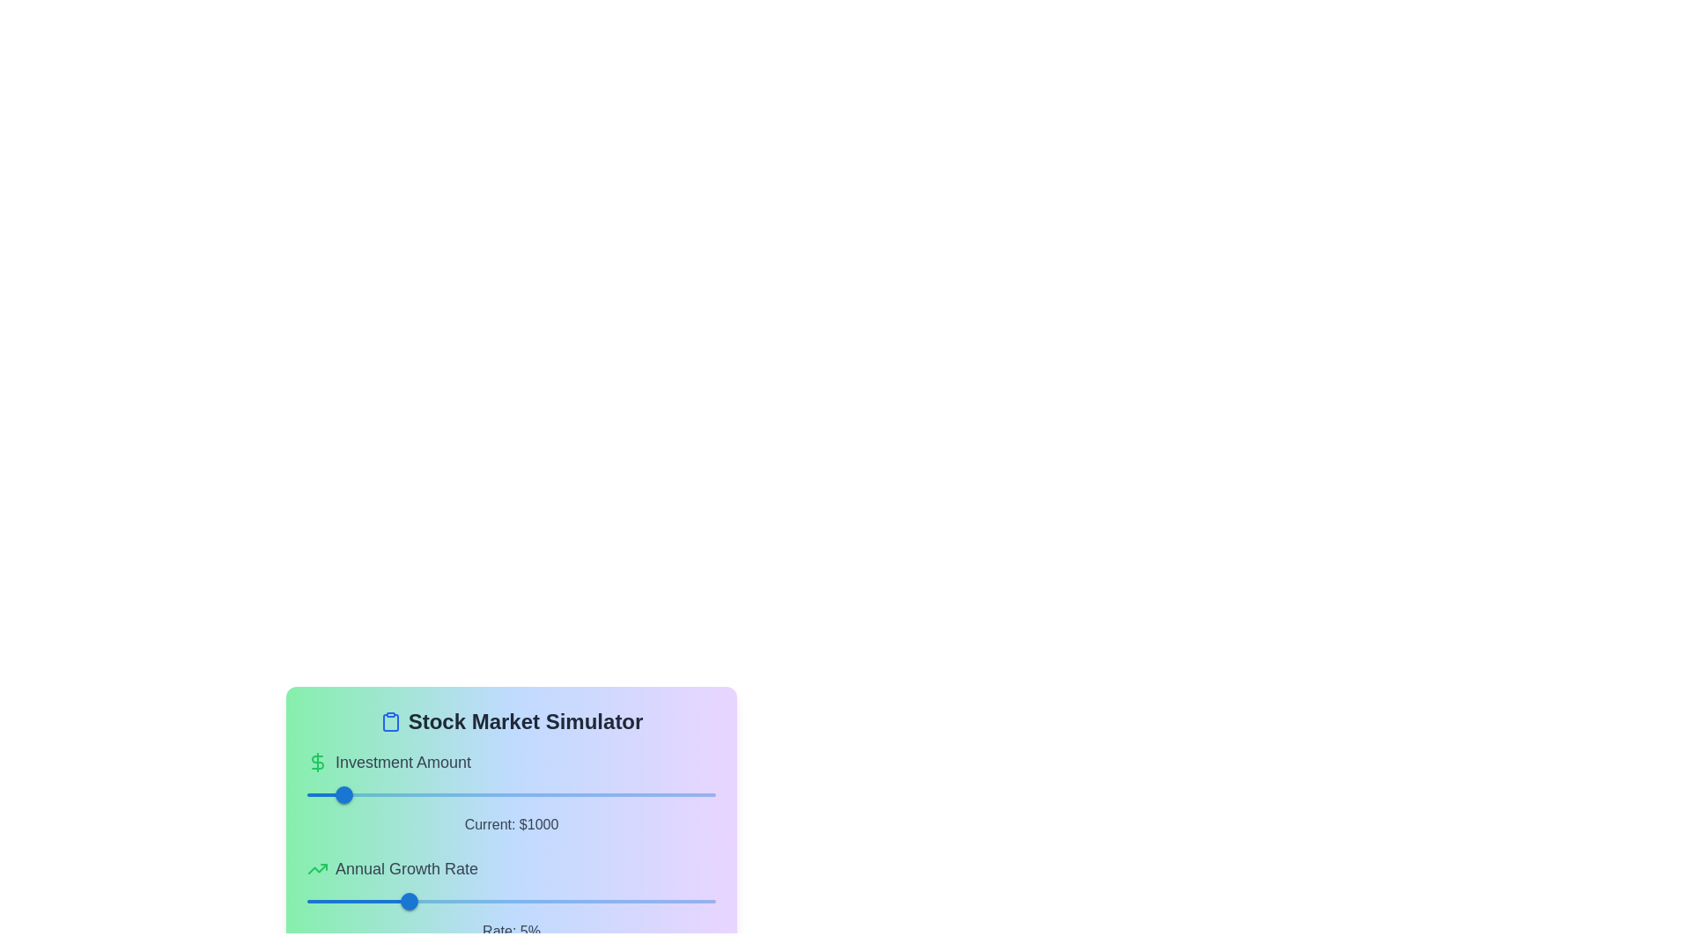 The height and width of the screenshot is (951, 1691). Describe the element at coordinates (508, 794) in the screenshot. I see `the investment amount` at that location.